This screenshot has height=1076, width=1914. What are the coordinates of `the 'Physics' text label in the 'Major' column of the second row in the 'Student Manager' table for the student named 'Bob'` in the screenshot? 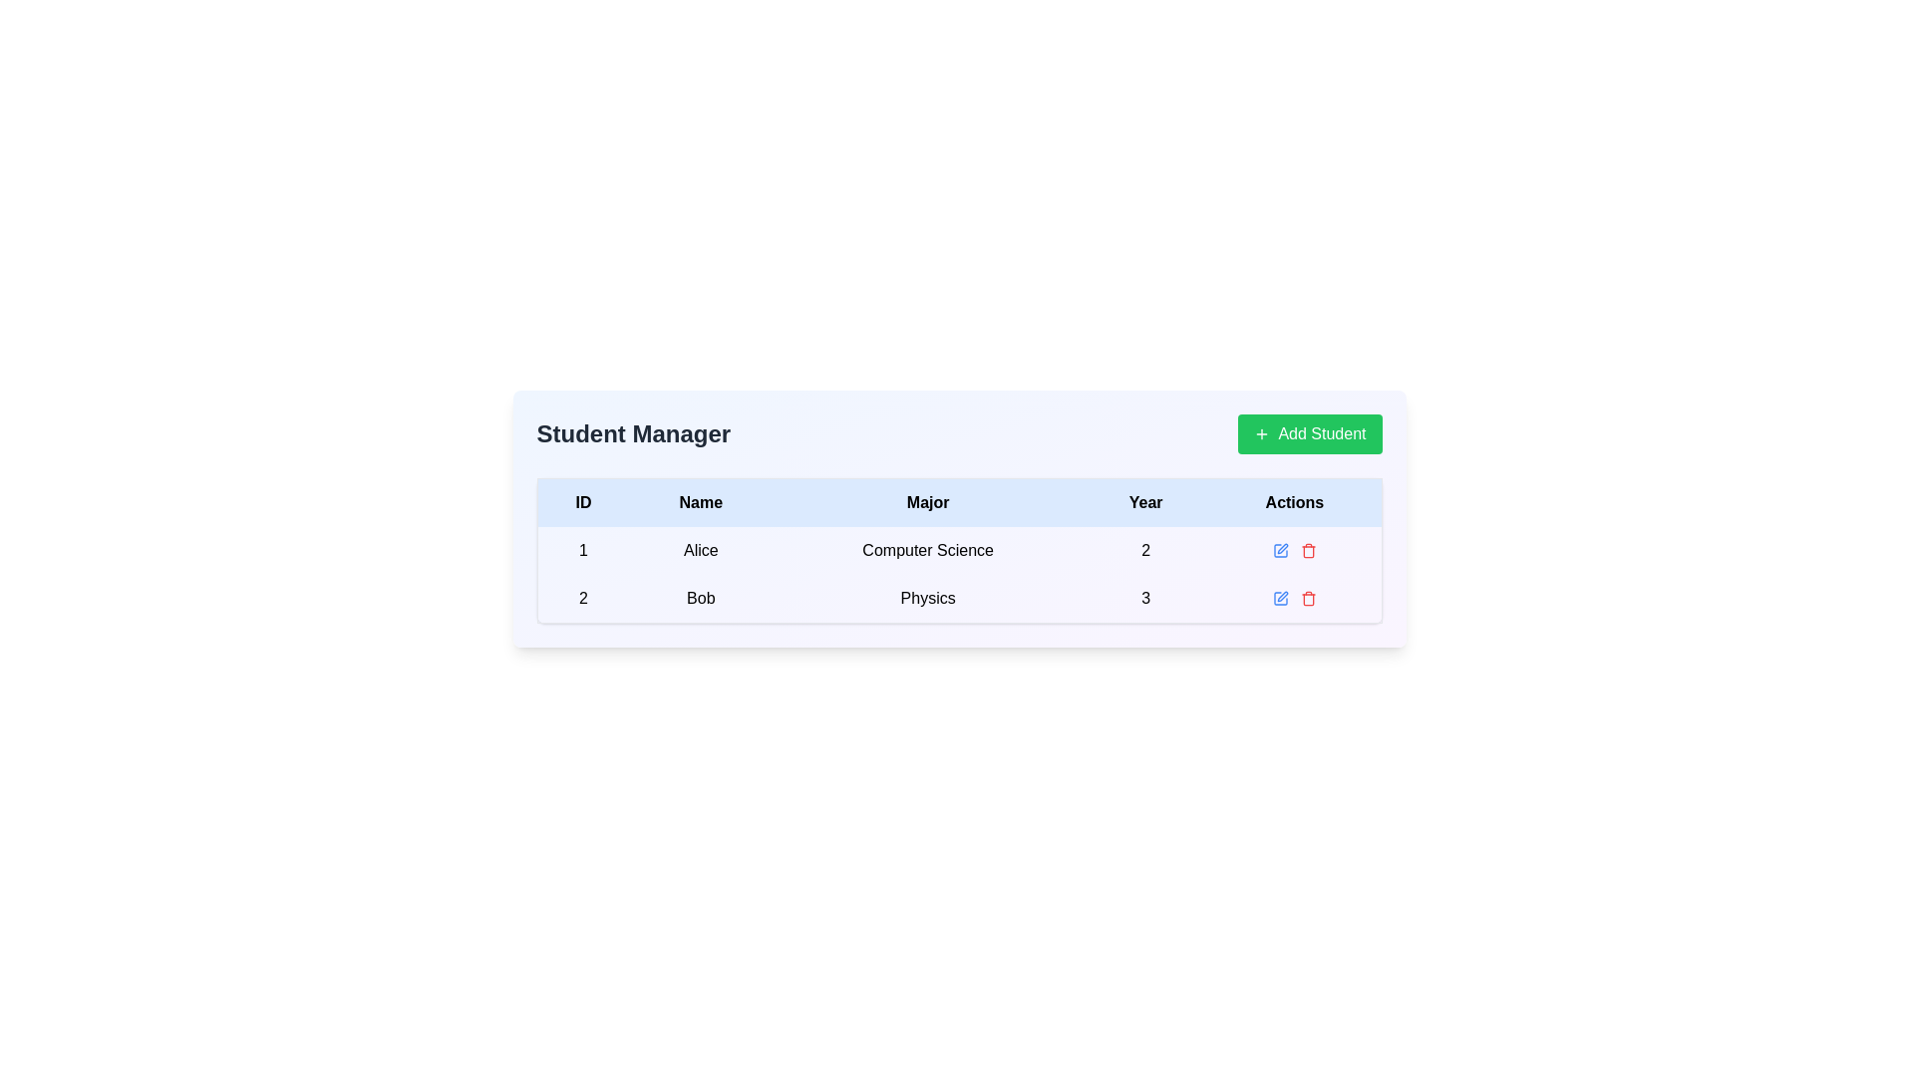 It's located at (927, 598).